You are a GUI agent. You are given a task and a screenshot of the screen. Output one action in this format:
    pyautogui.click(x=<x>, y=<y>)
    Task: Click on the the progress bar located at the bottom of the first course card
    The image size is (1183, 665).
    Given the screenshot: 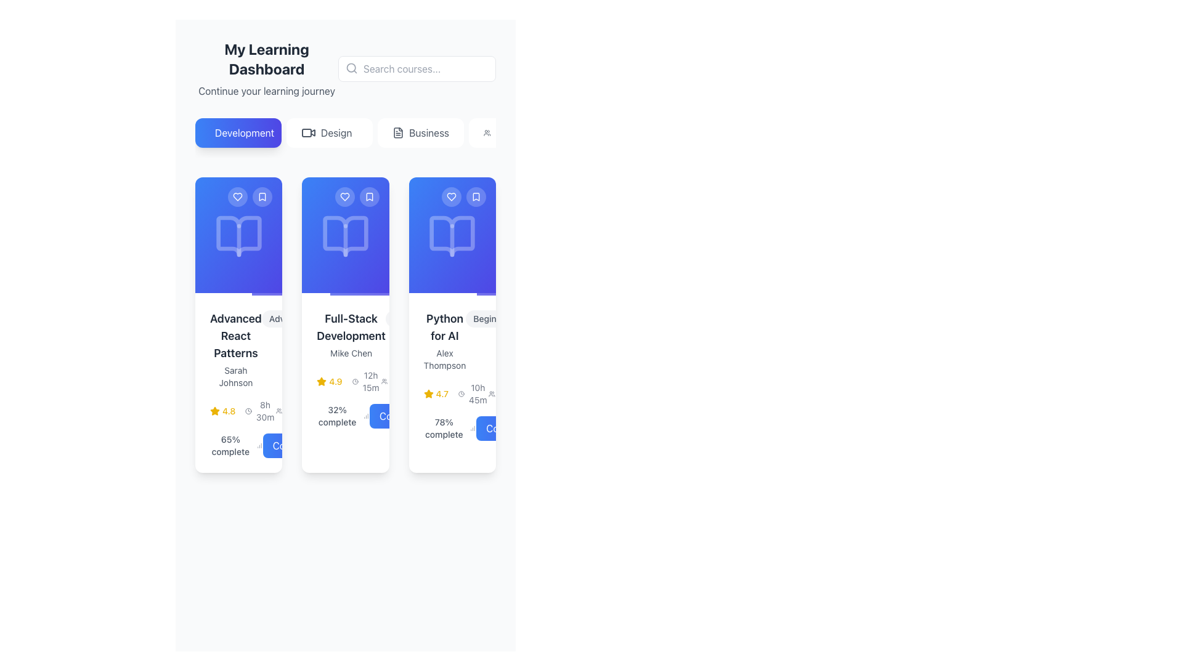 What is the action you would take?
    pyautogui.click(x=238, y=294)
    